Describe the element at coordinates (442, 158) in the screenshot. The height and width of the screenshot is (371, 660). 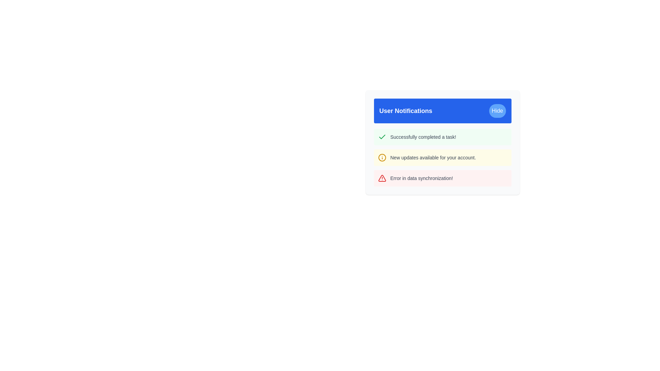
I see `message displayed in the second notification card that notifies the user about updates related to their account` at that location.